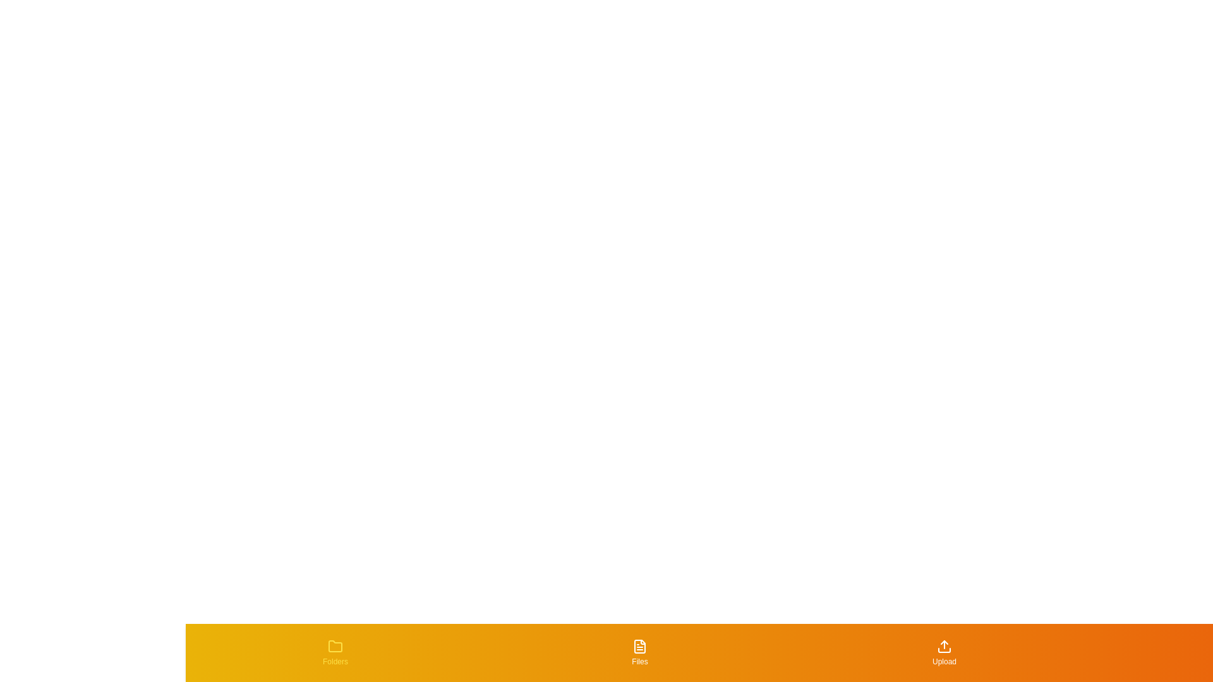 This screenshot has height=682, width=1213. Describe the element at coordinates (944, 652) in the screenshot. I see `the Upload tab to navigate to its section` at that location.